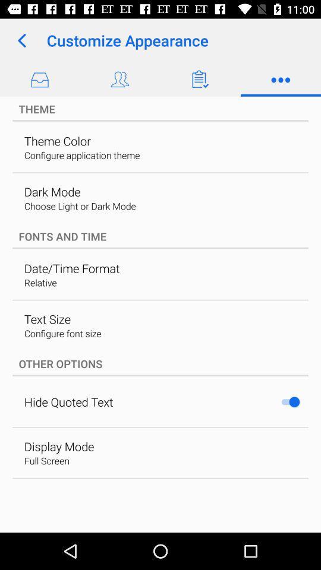 This screenshot has width=321, height=570. What do you see at coordinates (289, 402) in the screenshot?
I see `the icon to the right of hide quoted text item` at bounding box center [289, 402].